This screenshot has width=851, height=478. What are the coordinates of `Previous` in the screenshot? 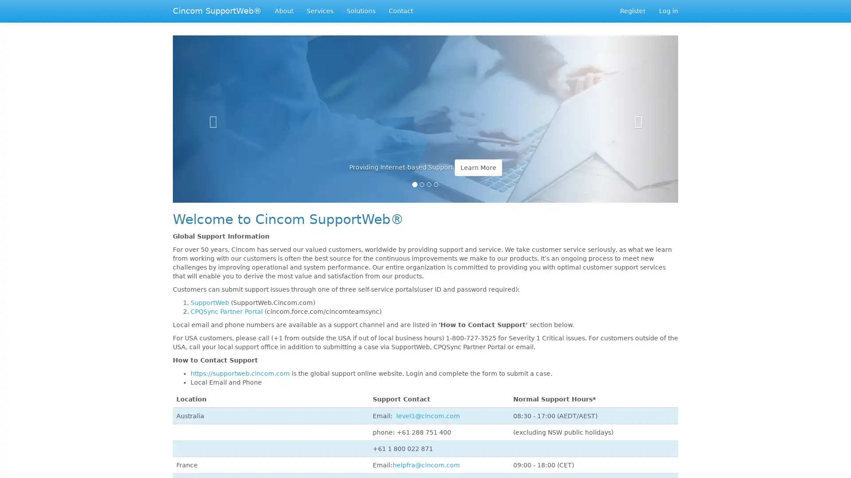 It's located at (210, 112).